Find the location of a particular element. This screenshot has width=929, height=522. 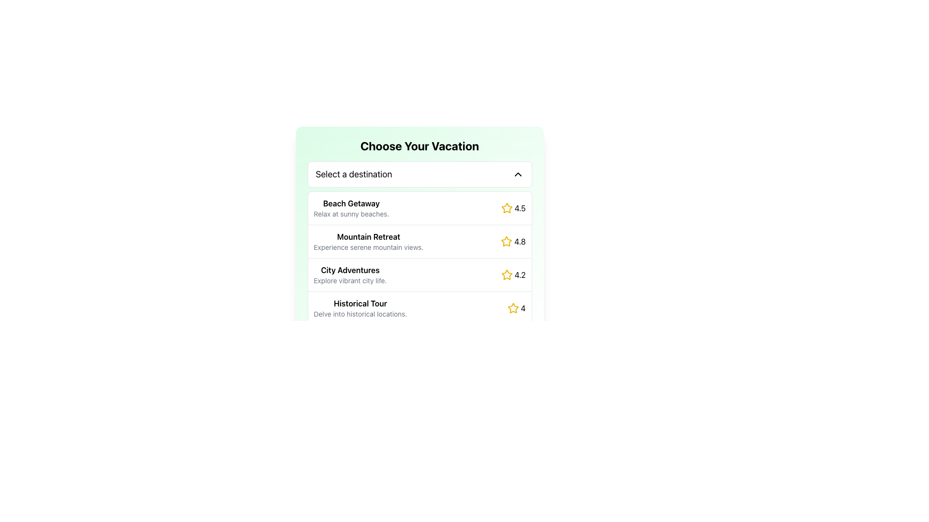

the text label displaying 'Mountain Retreat', which is bold and larger than the accompanying text, located in the second position of the vacation destinations list is located at coordinates (368, 236).